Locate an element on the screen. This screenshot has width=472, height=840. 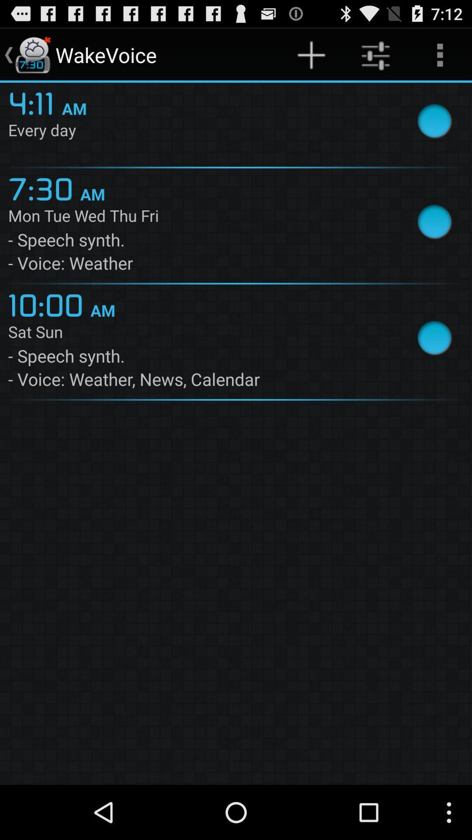
4:11 item is located at coordinates (35, 102).